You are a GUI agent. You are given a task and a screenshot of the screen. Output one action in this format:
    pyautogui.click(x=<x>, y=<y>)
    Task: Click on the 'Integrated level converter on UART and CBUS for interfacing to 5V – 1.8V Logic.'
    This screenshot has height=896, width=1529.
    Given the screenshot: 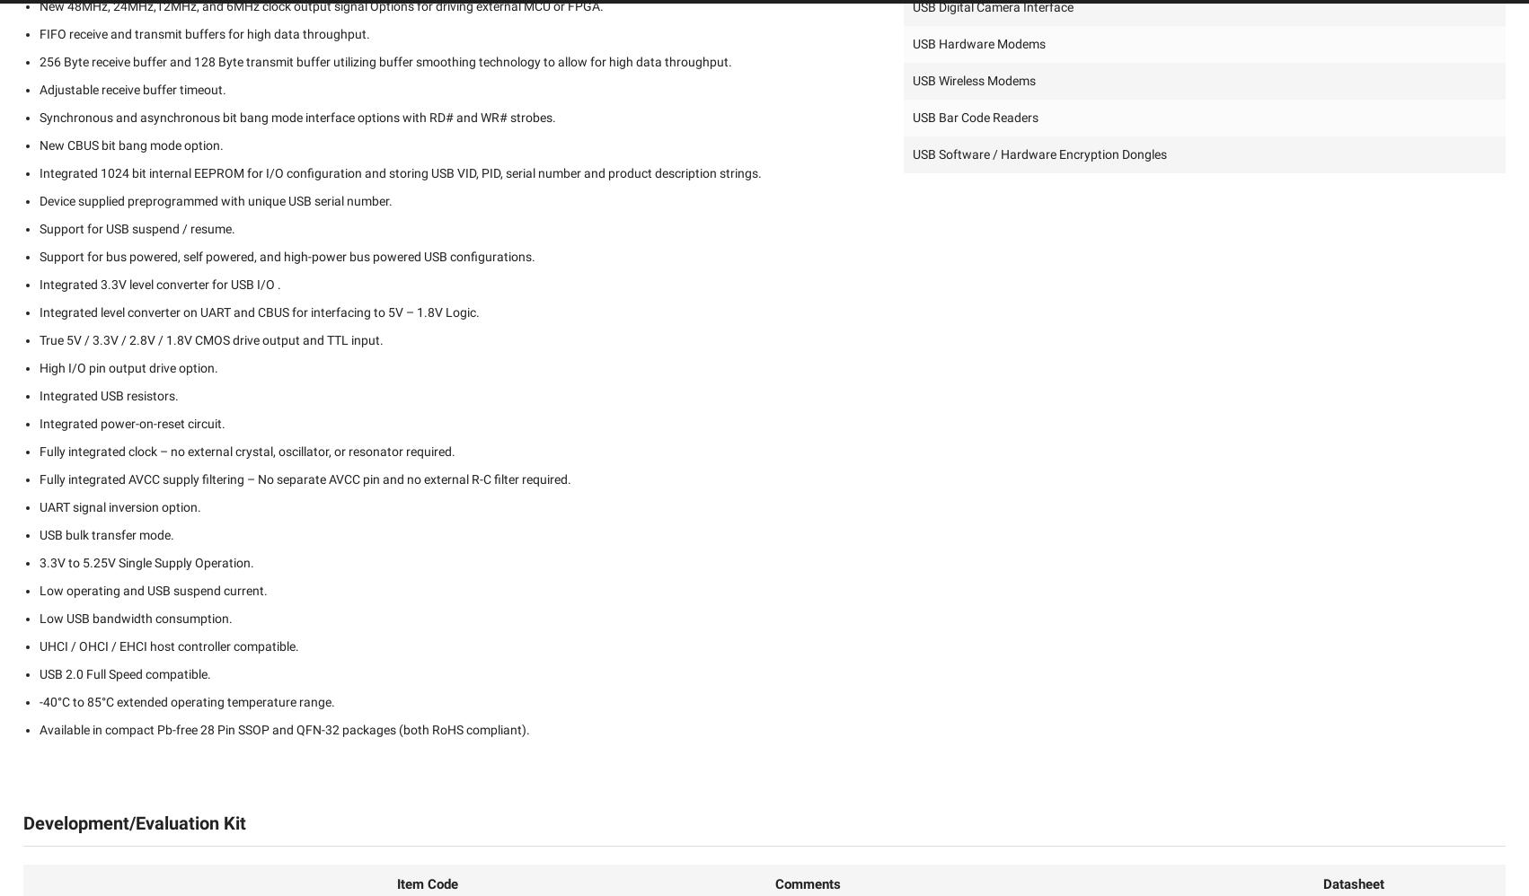 What is the action you would take?
    pyautogui.click(x=259, y=312)
    